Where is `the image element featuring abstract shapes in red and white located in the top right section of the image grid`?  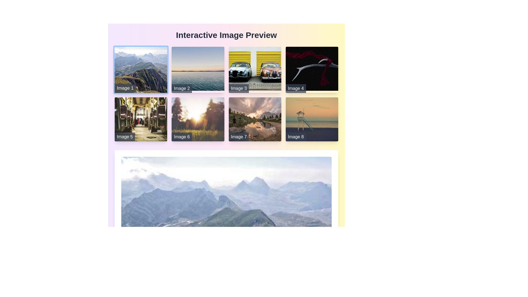 the image element featuring abstract shapes in red and white located in the top right section of the image grid is located at coordinates (312, 68).